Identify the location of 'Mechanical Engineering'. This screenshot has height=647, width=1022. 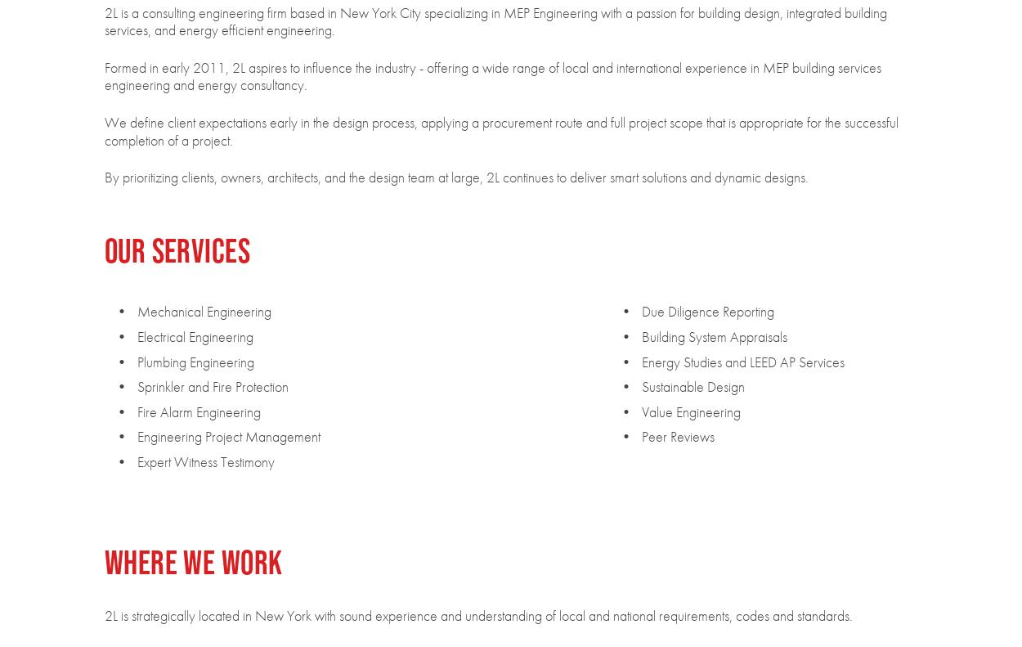
(137, 310).